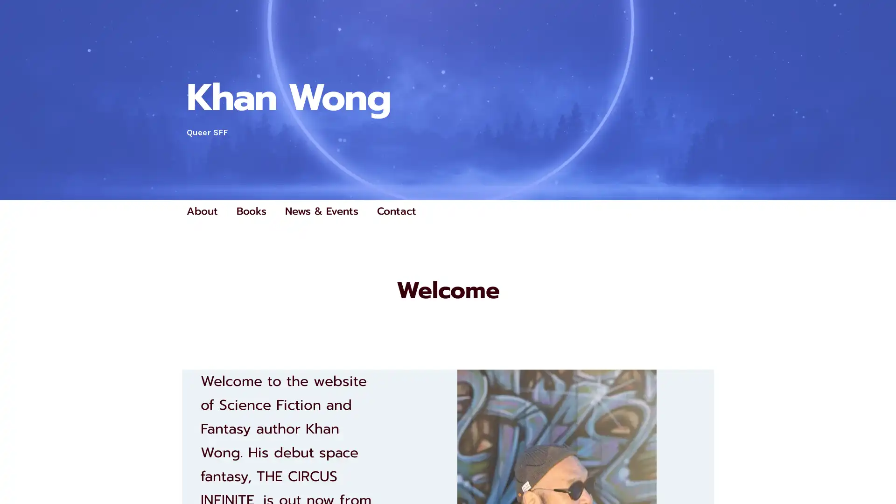  Describe the element at coordinates (878, 472) in the screenshot. I see `Scroll to top` at that location.